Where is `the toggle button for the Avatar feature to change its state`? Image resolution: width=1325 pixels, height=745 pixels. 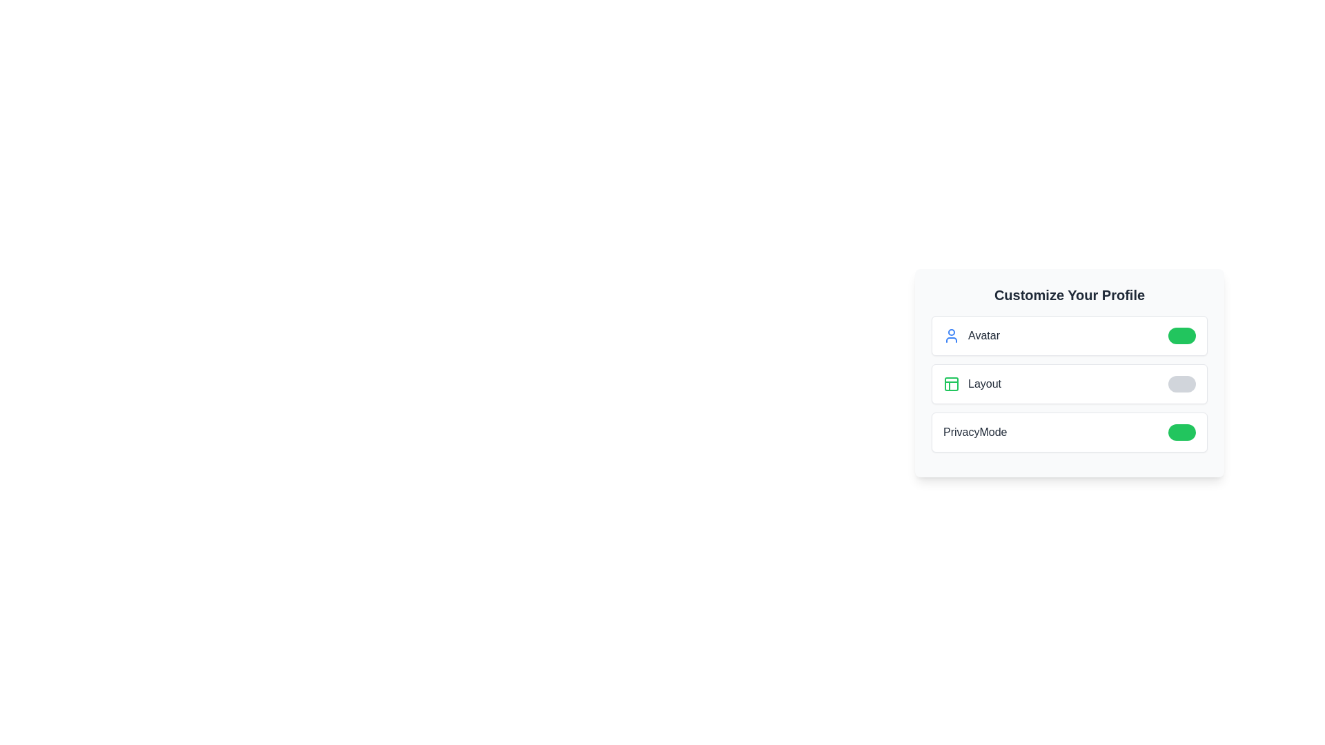 the toggle button for the Avatar feature to change its state is located at coordinates (1181, 335).